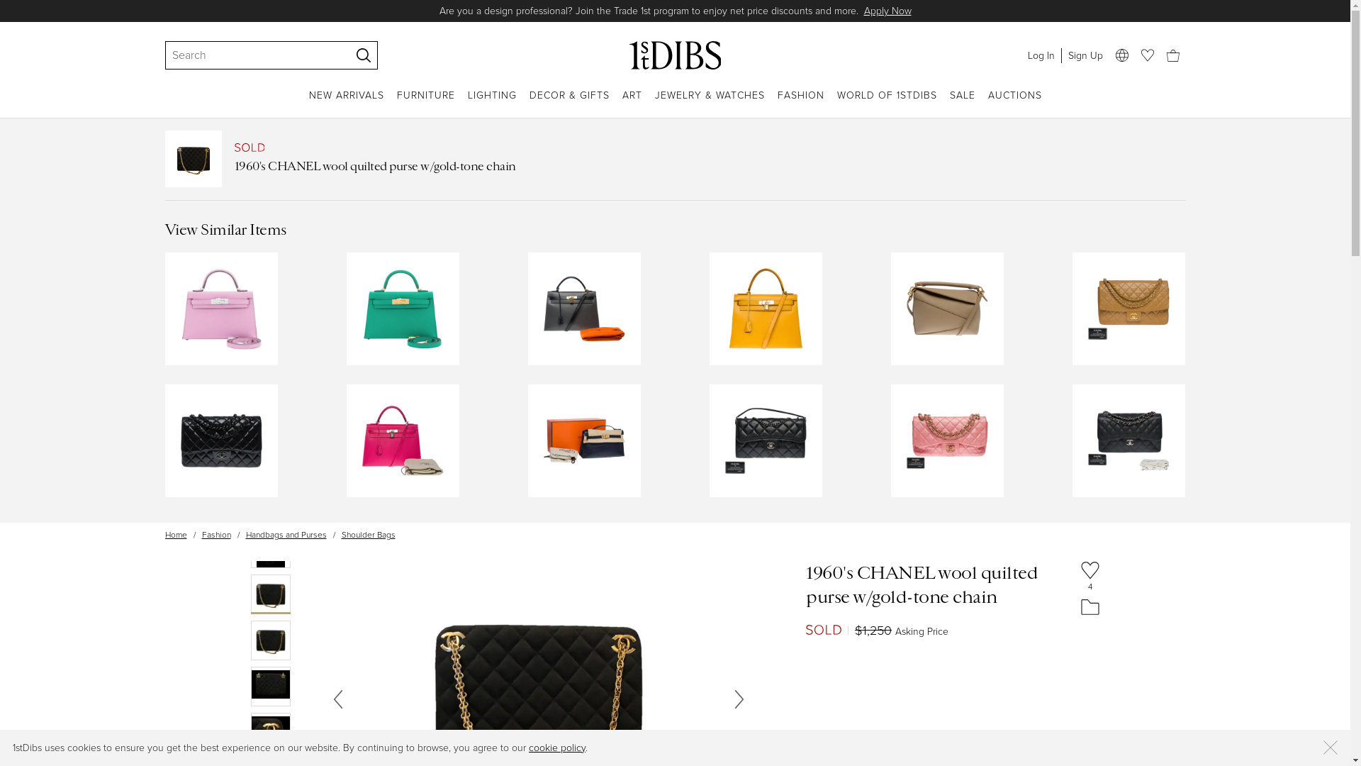  I want to click on 'Shoulder Bags', so click(368, 535).